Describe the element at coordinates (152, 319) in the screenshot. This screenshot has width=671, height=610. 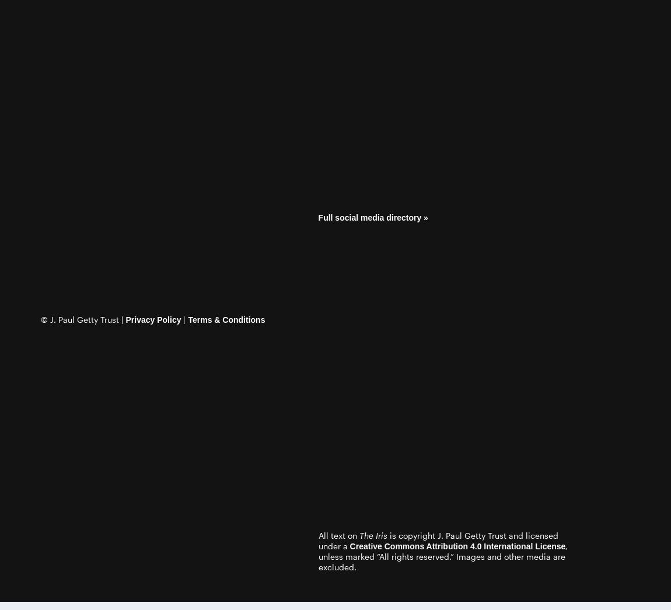
I see `'Privacy Policy'` at that location.